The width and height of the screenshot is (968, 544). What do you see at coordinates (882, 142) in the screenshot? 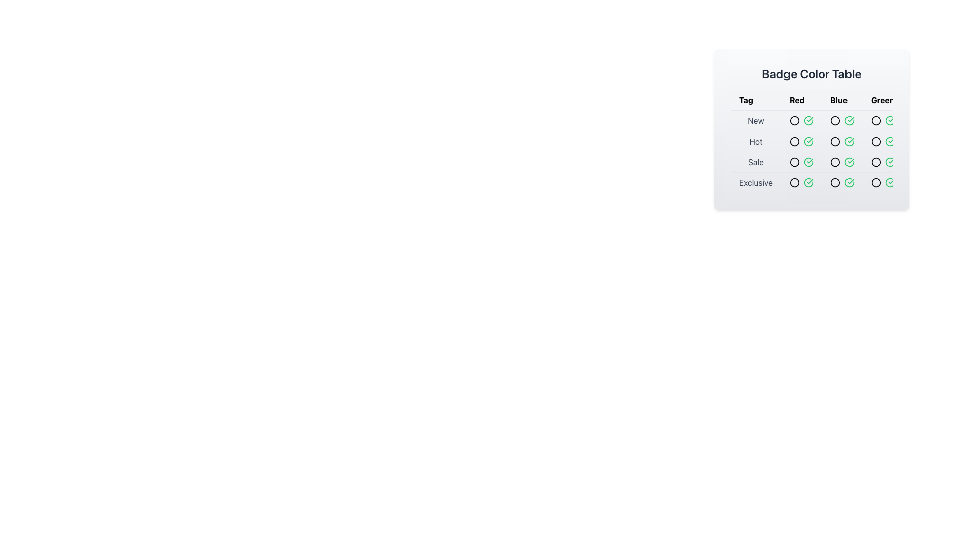
I see `the visual indicator in the 'Green' column of the 'Hot' row within the table` at bounding box center [882, 142].